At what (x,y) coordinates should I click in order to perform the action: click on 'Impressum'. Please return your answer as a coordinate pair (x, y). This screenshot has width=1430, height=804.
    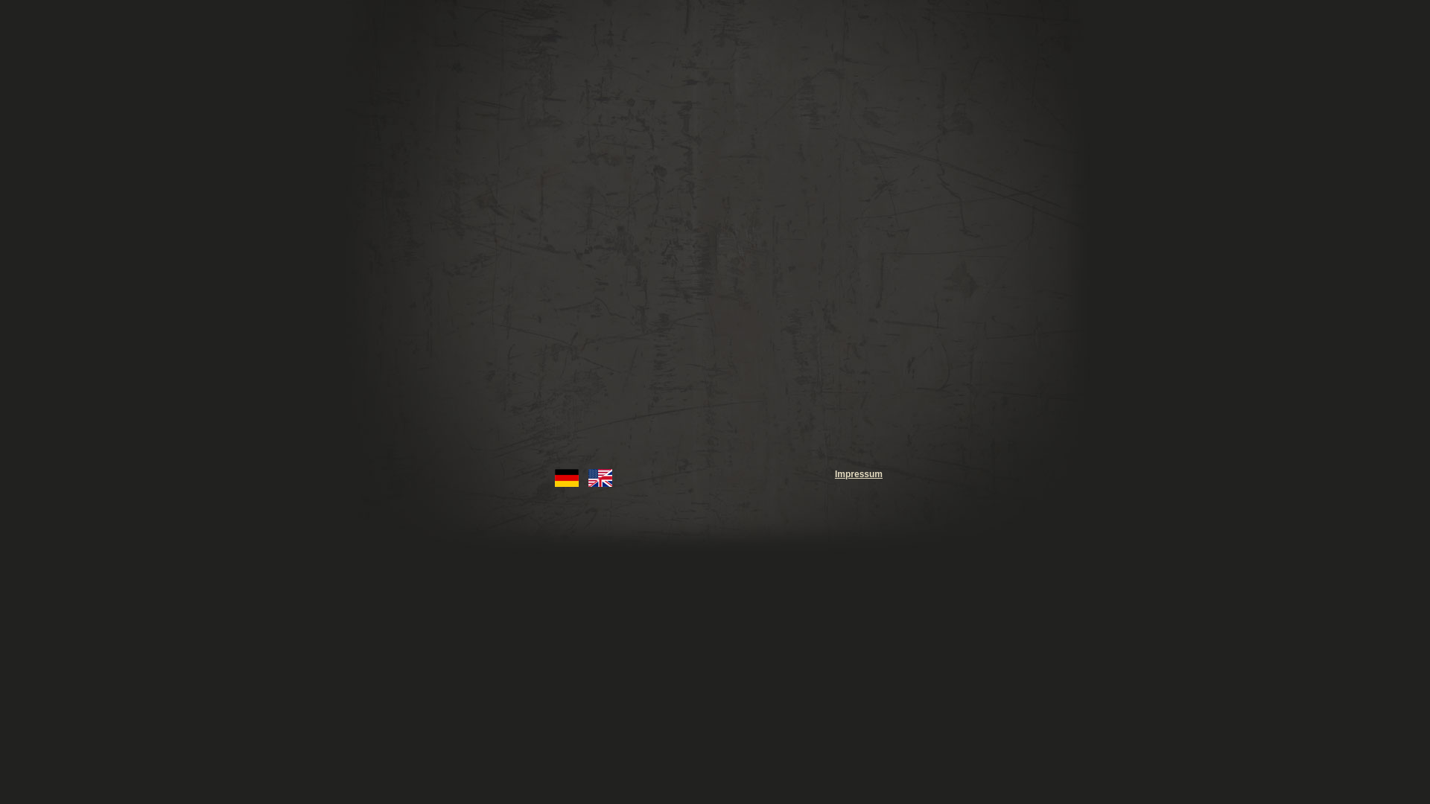
    Looking at the image, I should click on (858, 473).